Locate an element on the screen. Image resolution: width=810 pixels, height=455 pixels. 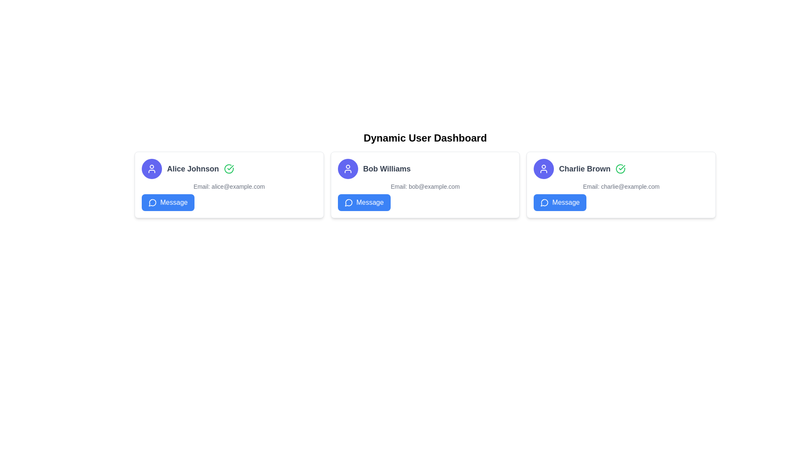
the speech bubble icon above the 'Message' label in the message button for 'Bob Williams' on the dashboard interface is located at coordinates (348, 203).